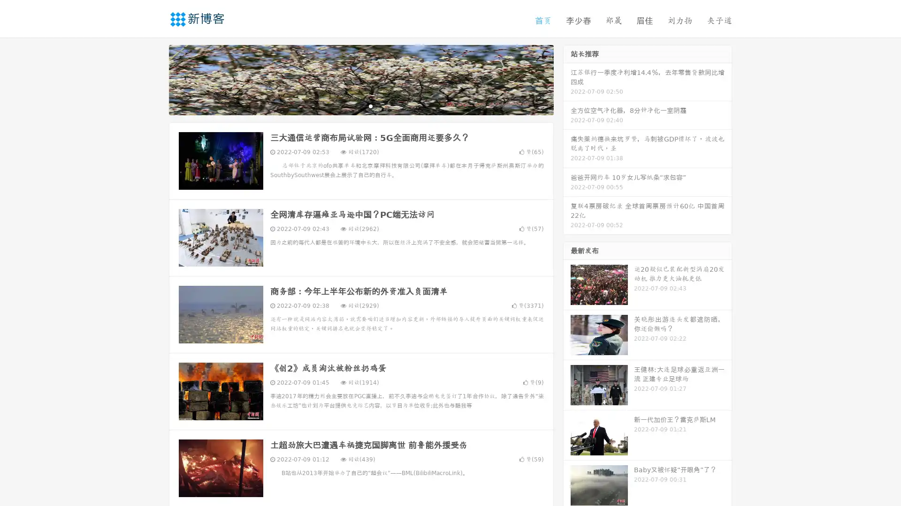 The width and height of the screenshot is (901, 506). Describe the element at coordinates (155, 79) in the screenshot. I see `Previous slide` at that location.